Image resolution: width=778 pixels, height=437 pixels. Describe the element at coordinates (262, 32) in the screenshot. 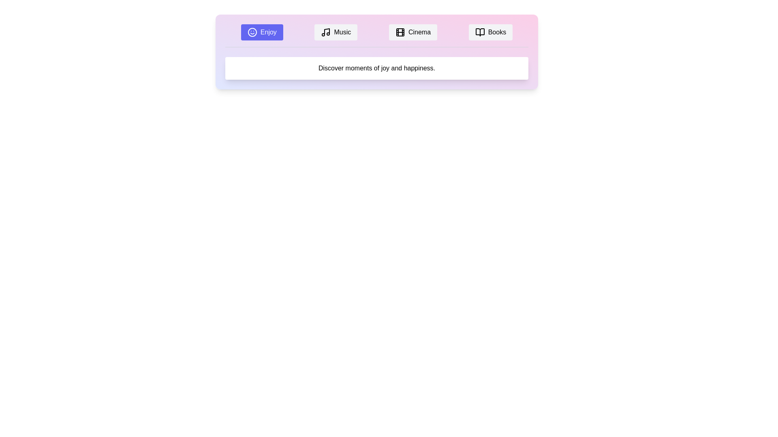

I see `the tab labeled Enjoy to select it` at that location.